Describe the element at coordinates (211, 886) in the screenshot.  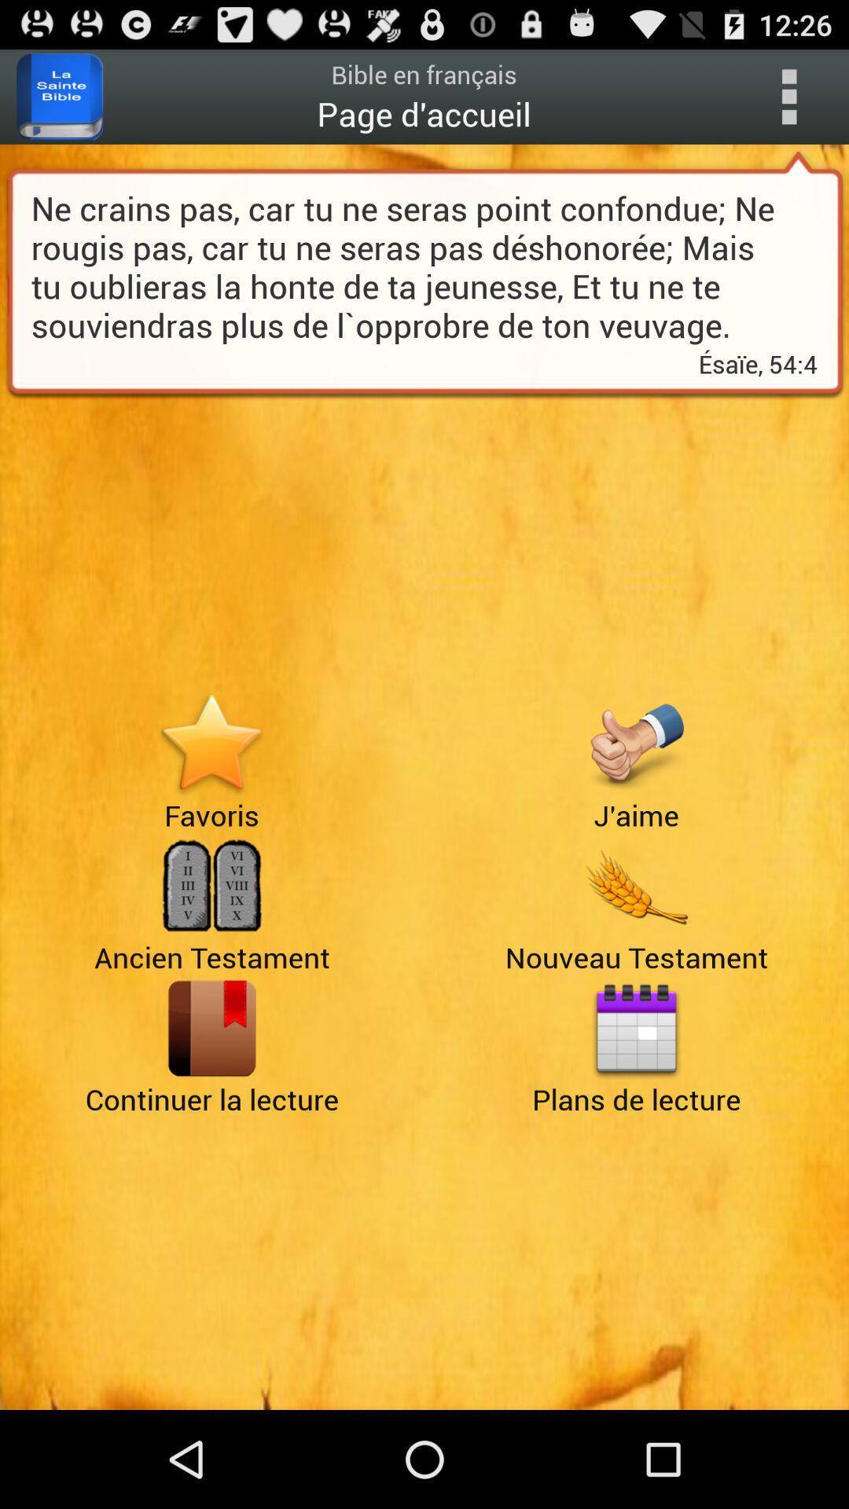
I see `ancien testament` at that location.